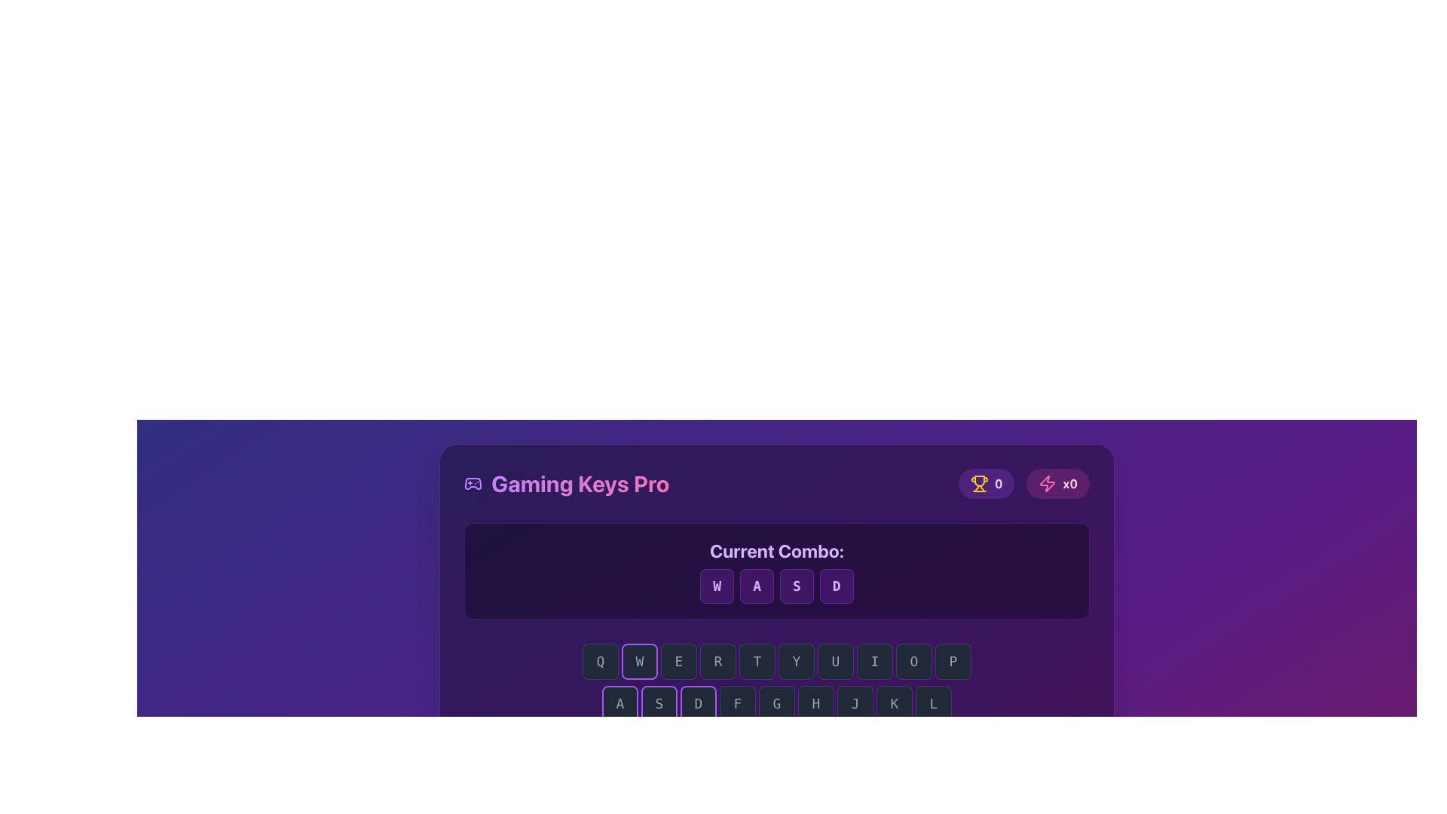  What do you see at coordinates (913, 661) in the screenshot?
I see `the 'O' button on the virtual keyboard to simulate pressing the 'O' key` at bounding box center [913, 661].